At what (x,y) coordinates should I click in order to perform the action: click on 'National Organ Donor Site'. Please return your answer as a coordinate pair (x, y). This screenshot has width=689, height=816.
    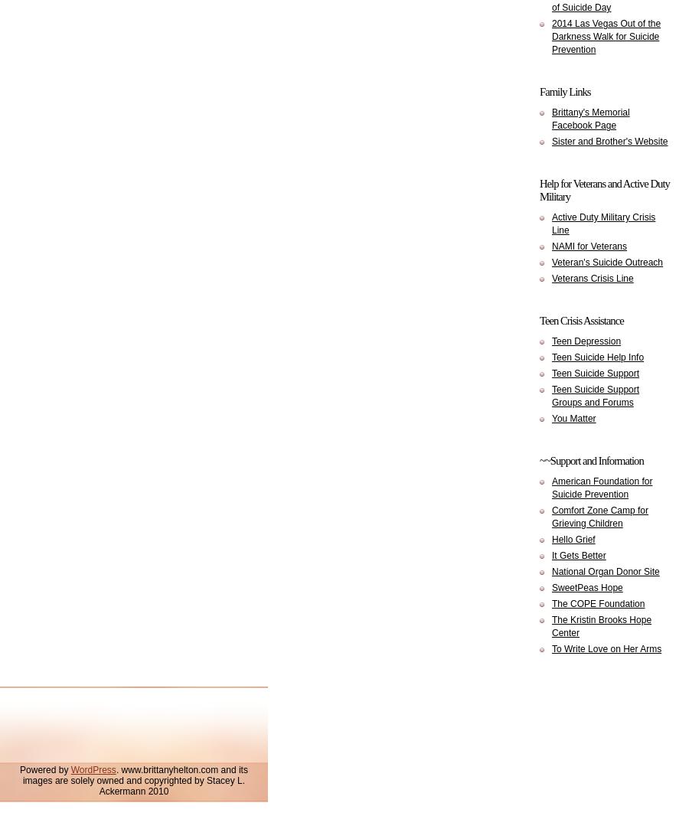
    Looking at the image, I should click on (550, 571).